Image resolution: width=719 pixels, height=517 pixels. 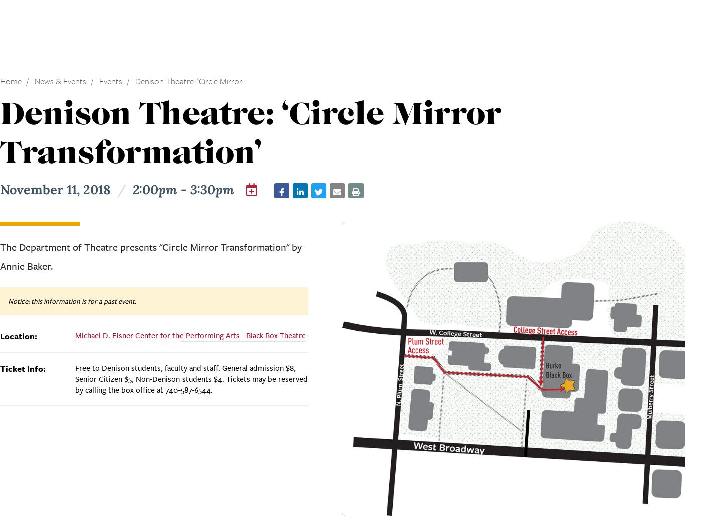 What do you see at coordinates (275, 92) in the screenshot?
I see `''The Sounds of History''` at bounding box center [275, 92].